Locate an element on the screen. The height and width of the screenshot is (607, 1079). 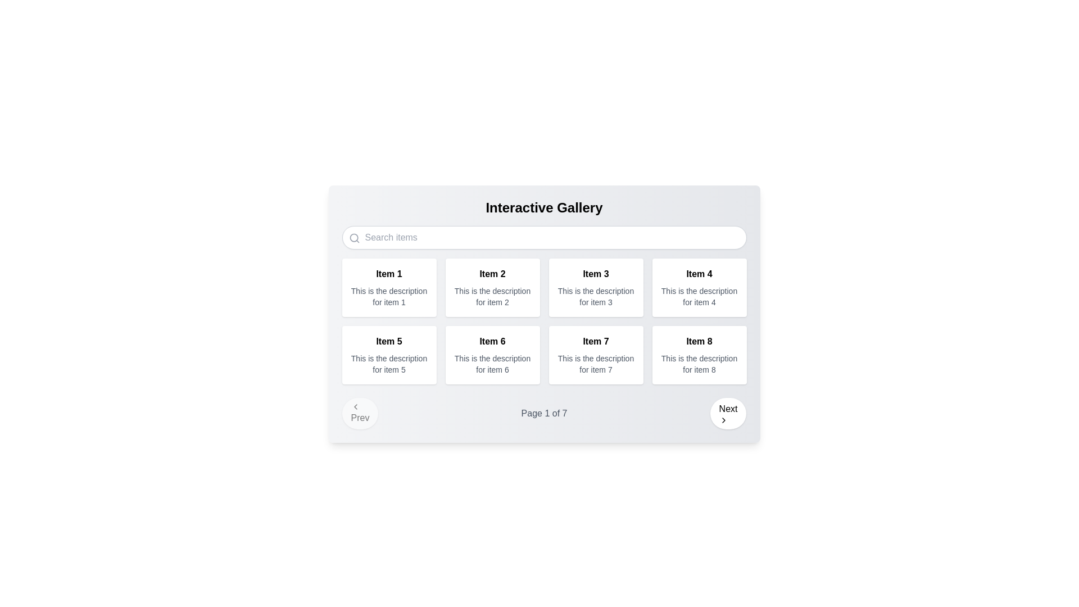
the box in the second row, second column of the gallery listing to interact with it is located at coordinates (492, 355).